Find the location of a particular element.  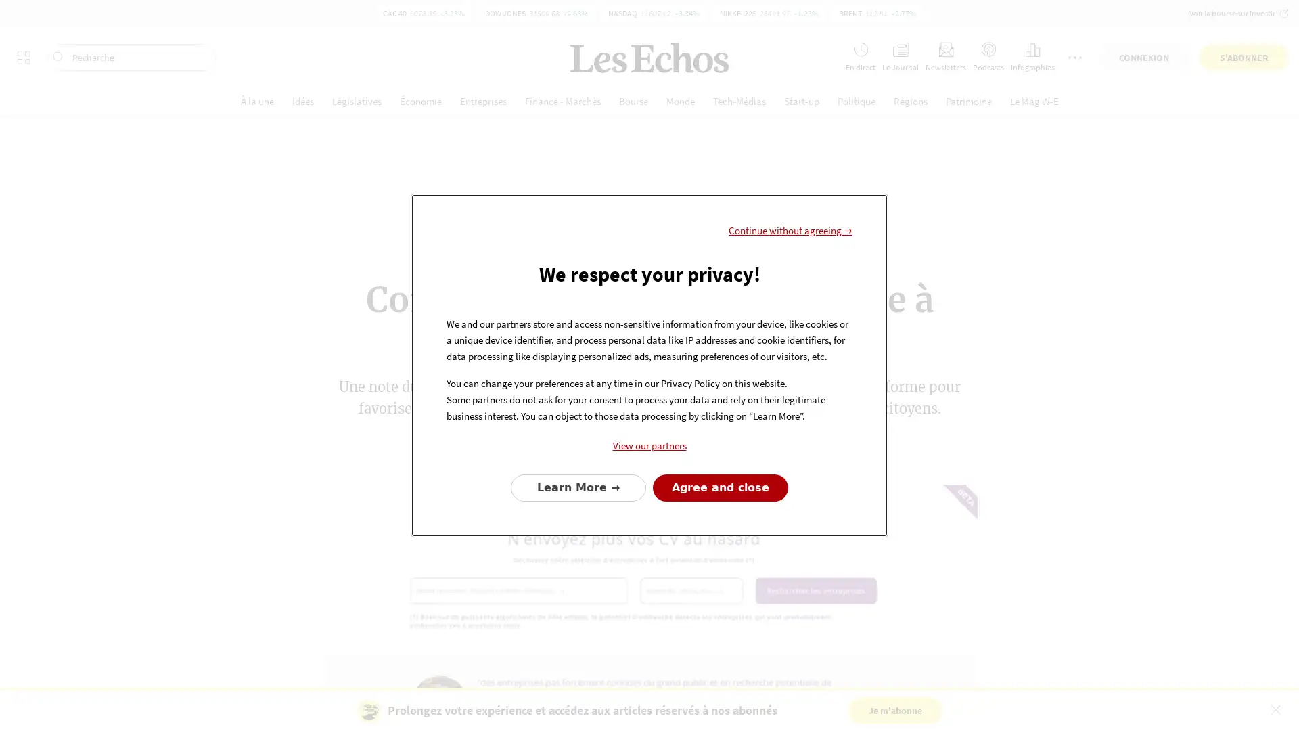

Fermer le bandeau is located at coordinates (1275, 709).